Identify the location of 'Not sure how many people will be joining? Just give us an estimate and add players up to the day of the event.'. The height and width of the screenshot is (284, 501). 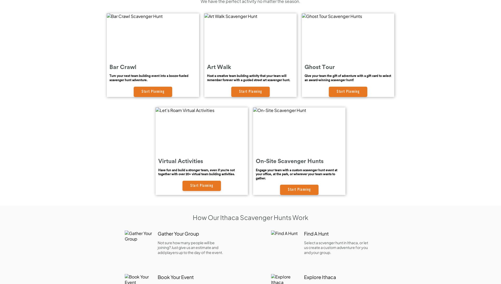
(190, 247).